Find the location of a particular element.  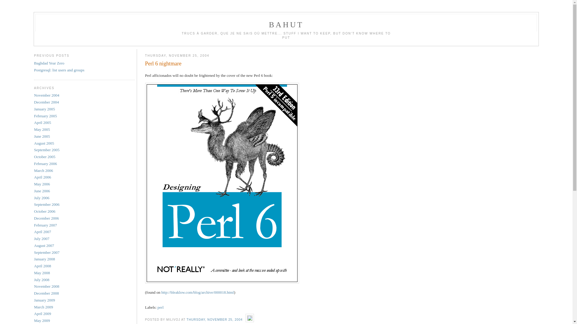

'October 2006' is located at coordinates (44, 211).